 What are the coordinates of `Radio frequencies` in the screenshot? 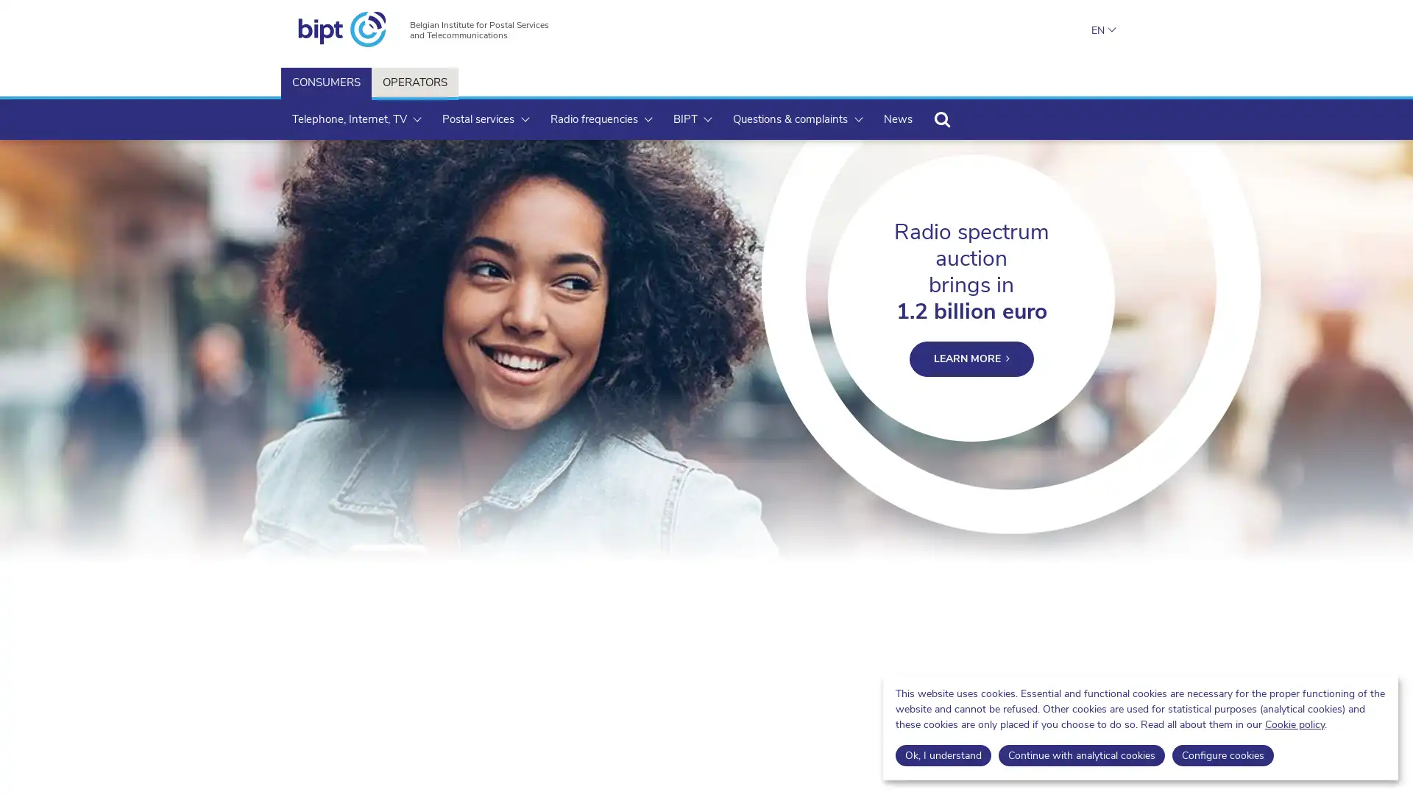 It's located at (601, 119).